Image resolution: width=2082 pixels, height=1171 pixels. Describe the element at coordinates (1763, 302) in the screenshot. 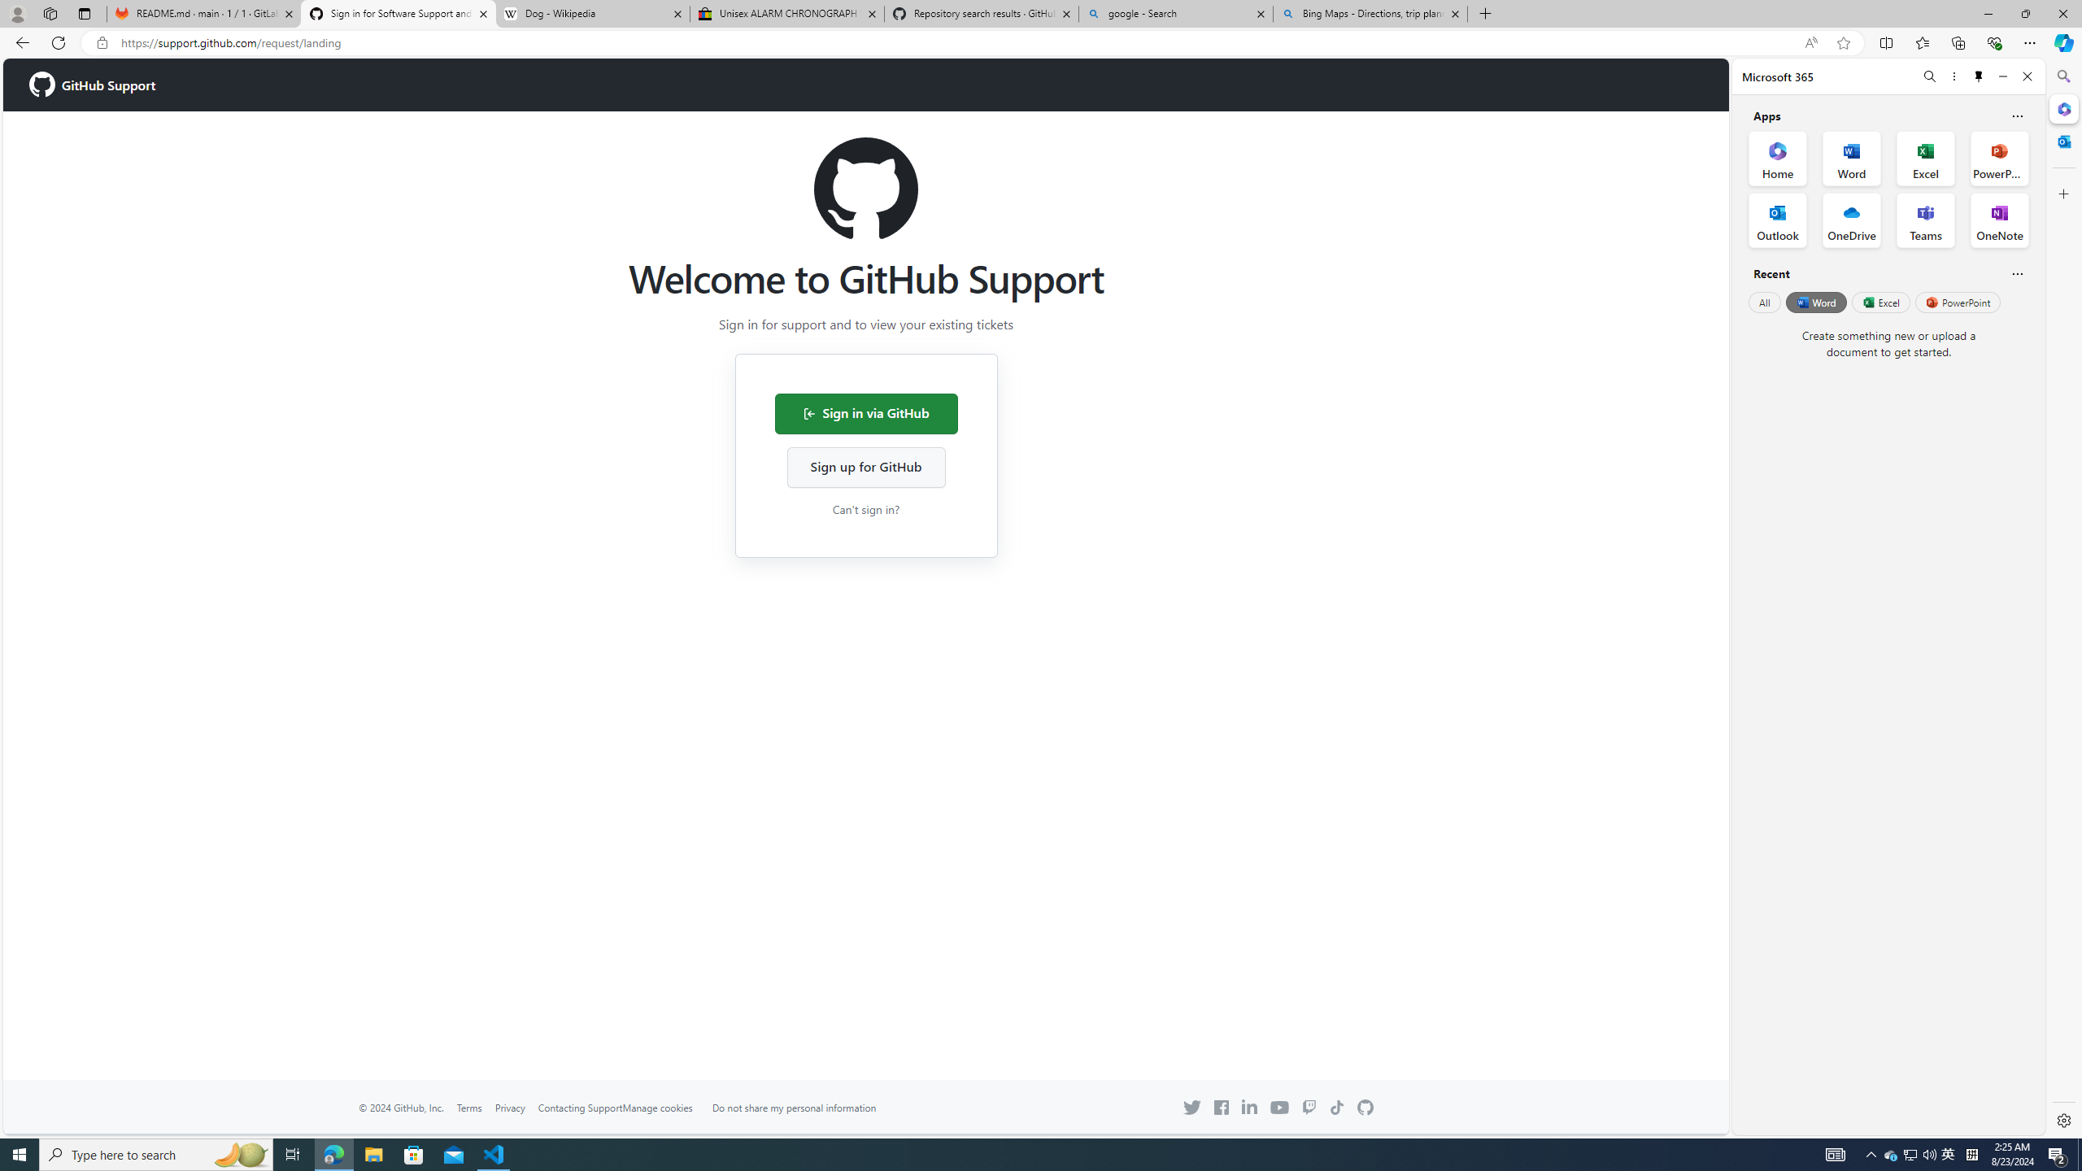

I see `'All'` at that location.